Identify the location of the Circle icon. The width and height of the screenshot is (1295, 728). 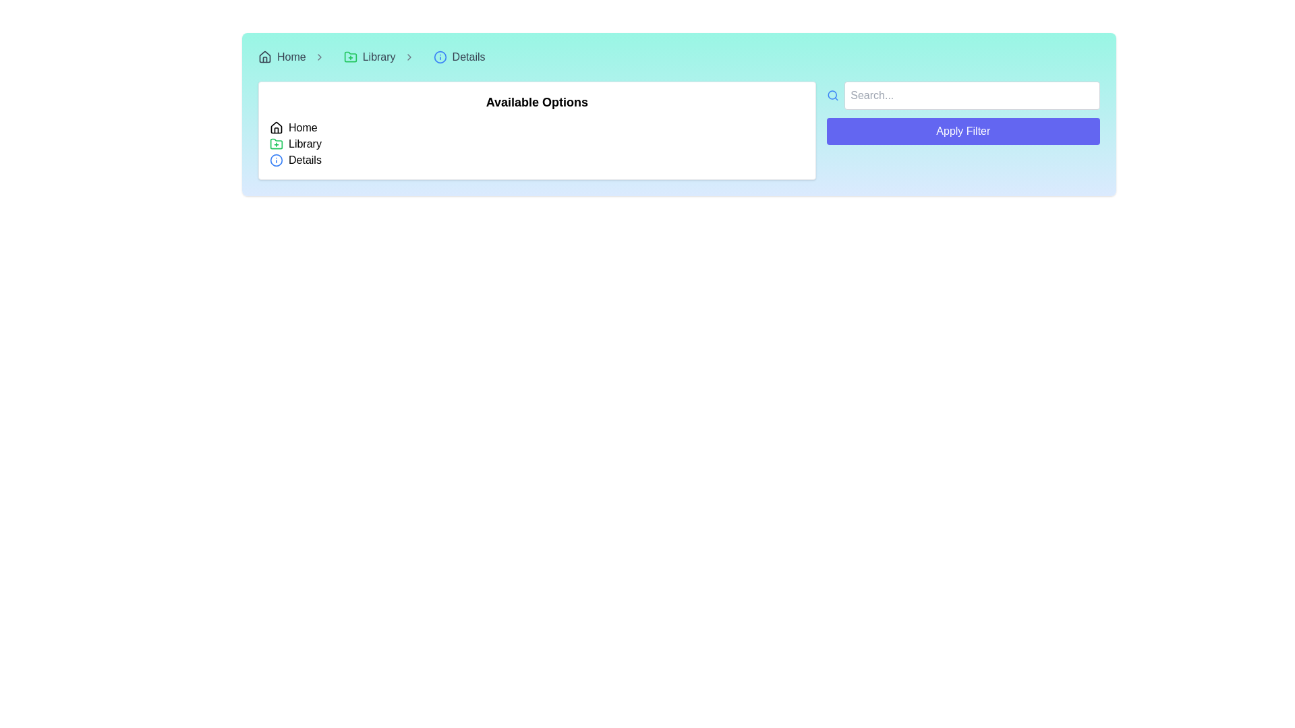
(275, 160).